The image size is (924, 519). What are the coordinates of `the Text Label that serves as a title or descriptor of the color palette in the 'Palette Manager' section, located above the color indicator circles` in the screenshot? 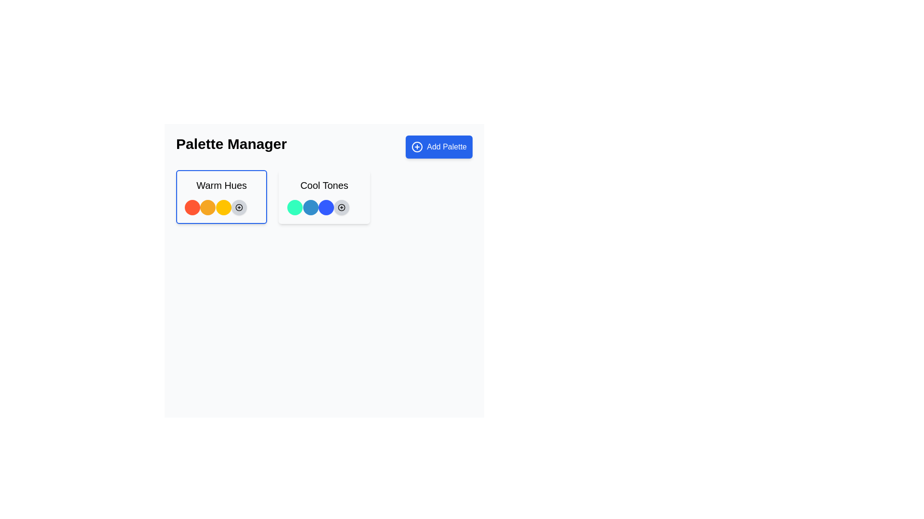 It's located at (221, 185).